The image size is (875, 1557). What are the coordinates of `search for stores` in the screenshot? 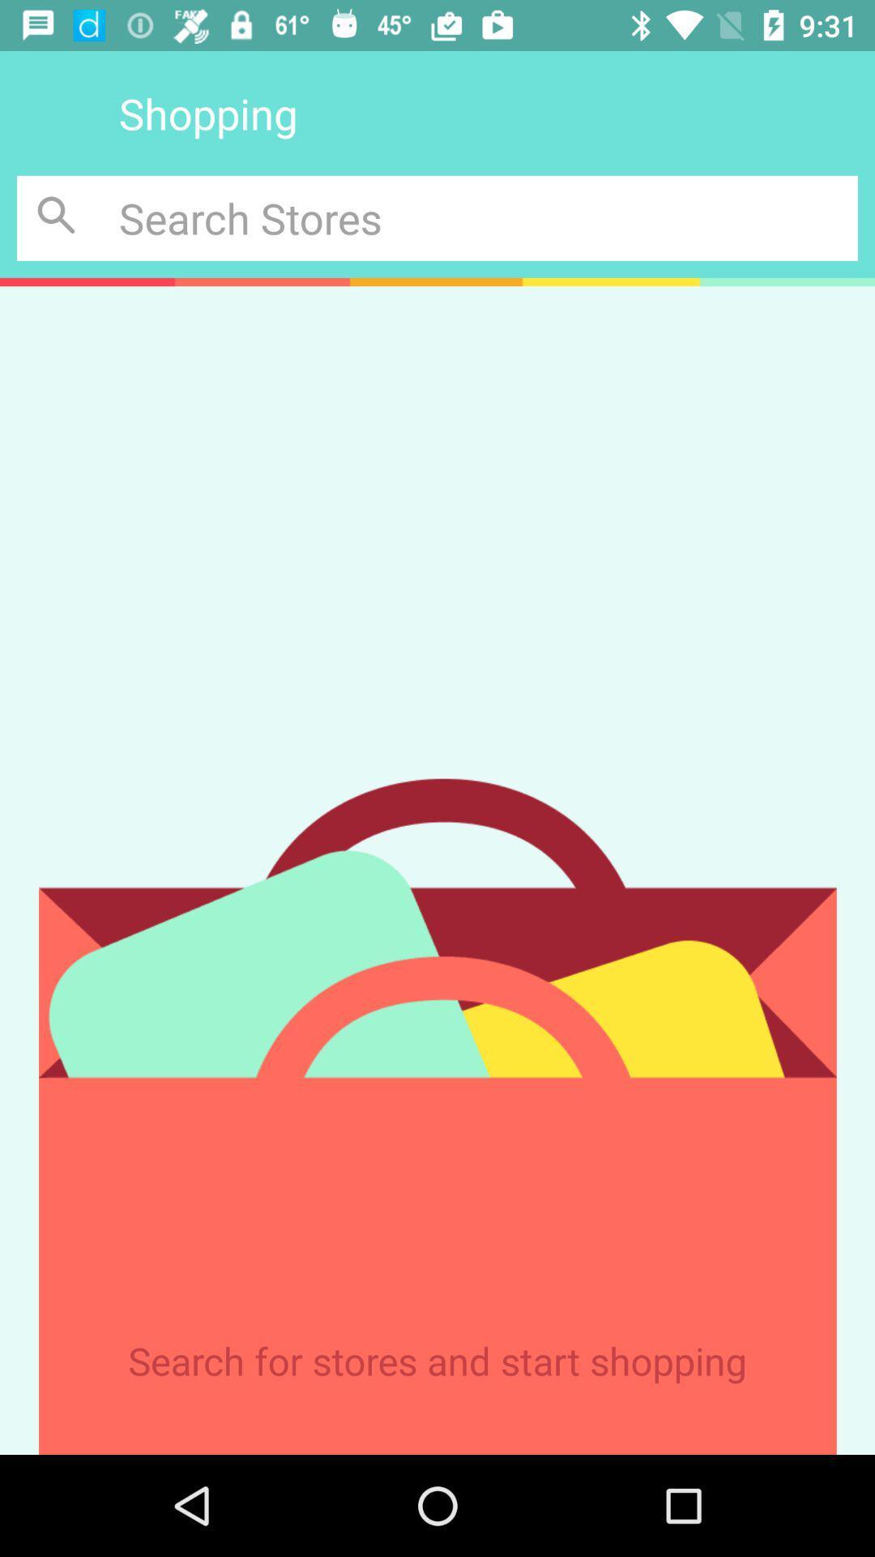 It's located at (58, 217).